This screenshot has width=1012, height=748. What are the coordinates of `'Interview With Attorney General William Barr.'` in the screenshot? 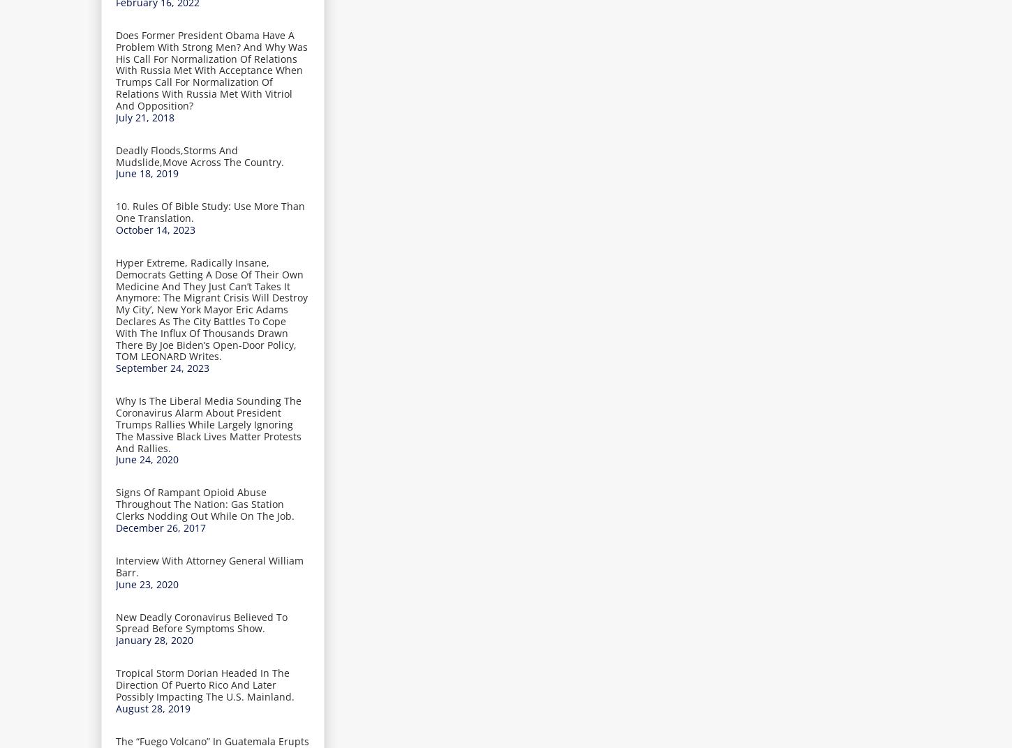 It's located at (209, 564).